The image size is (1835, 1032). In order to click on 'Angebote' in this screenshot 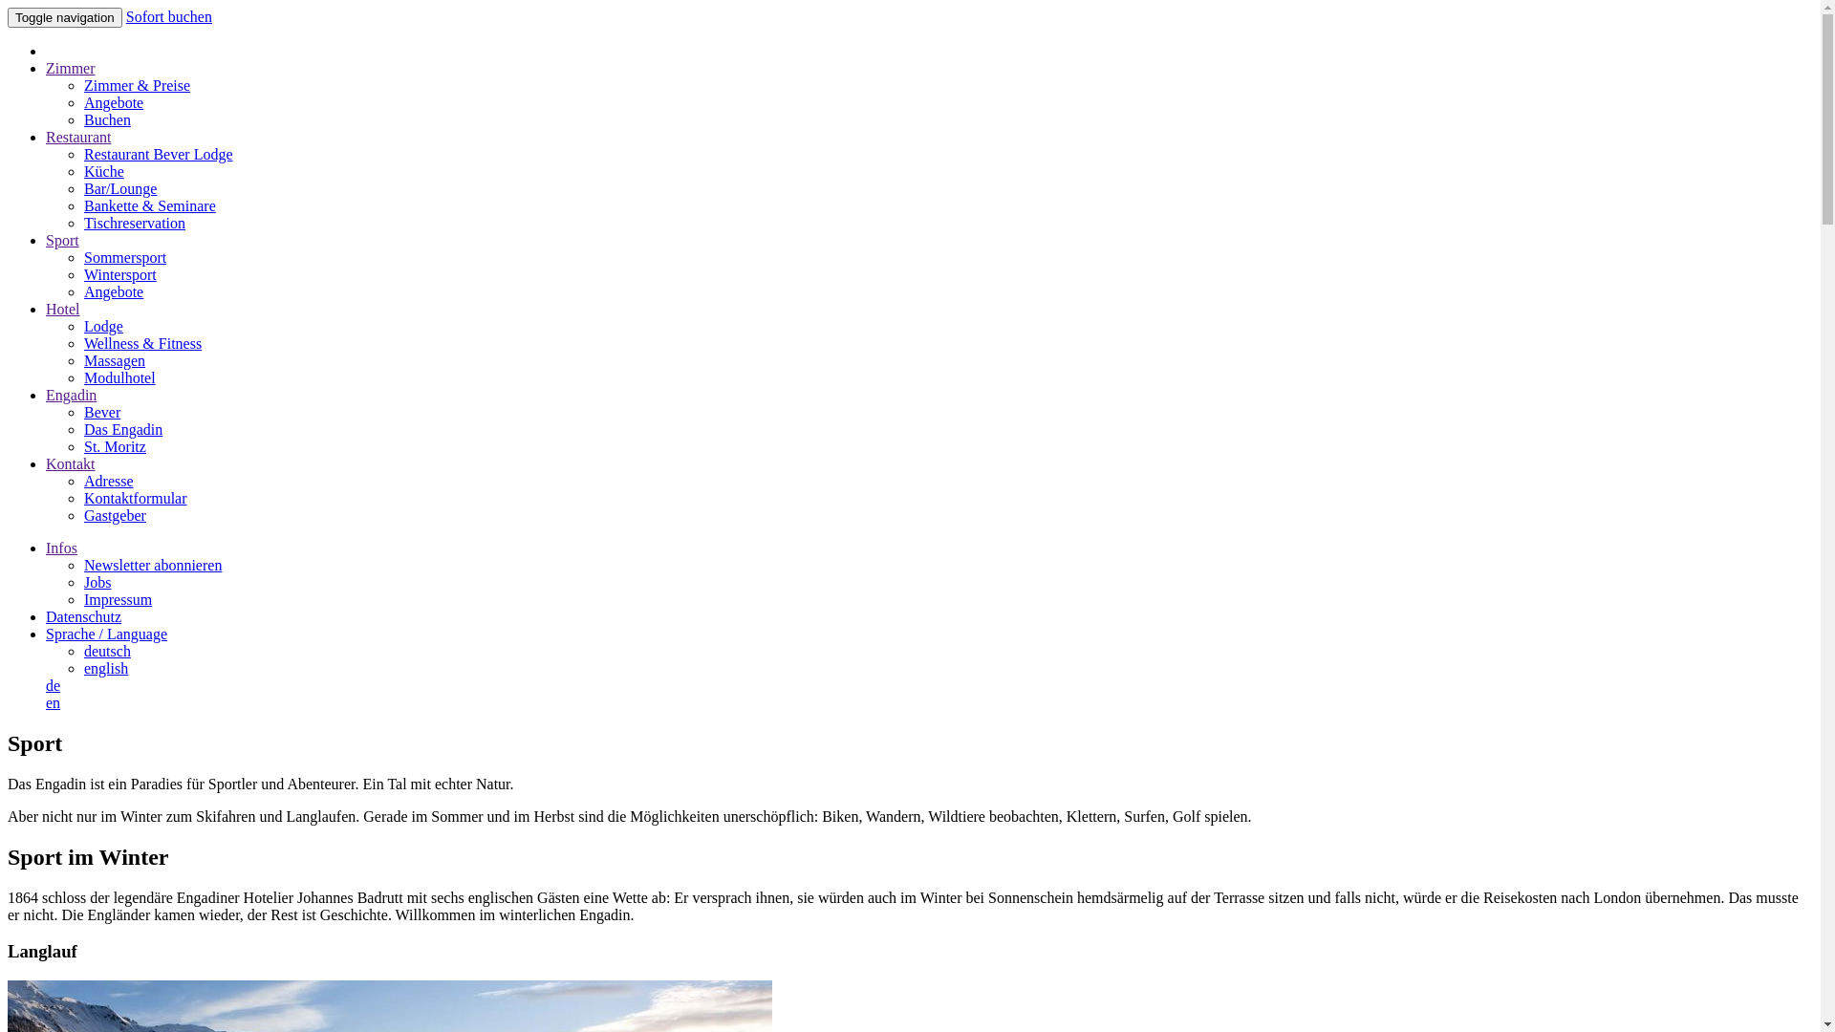, I will do `click(113, 291)`.